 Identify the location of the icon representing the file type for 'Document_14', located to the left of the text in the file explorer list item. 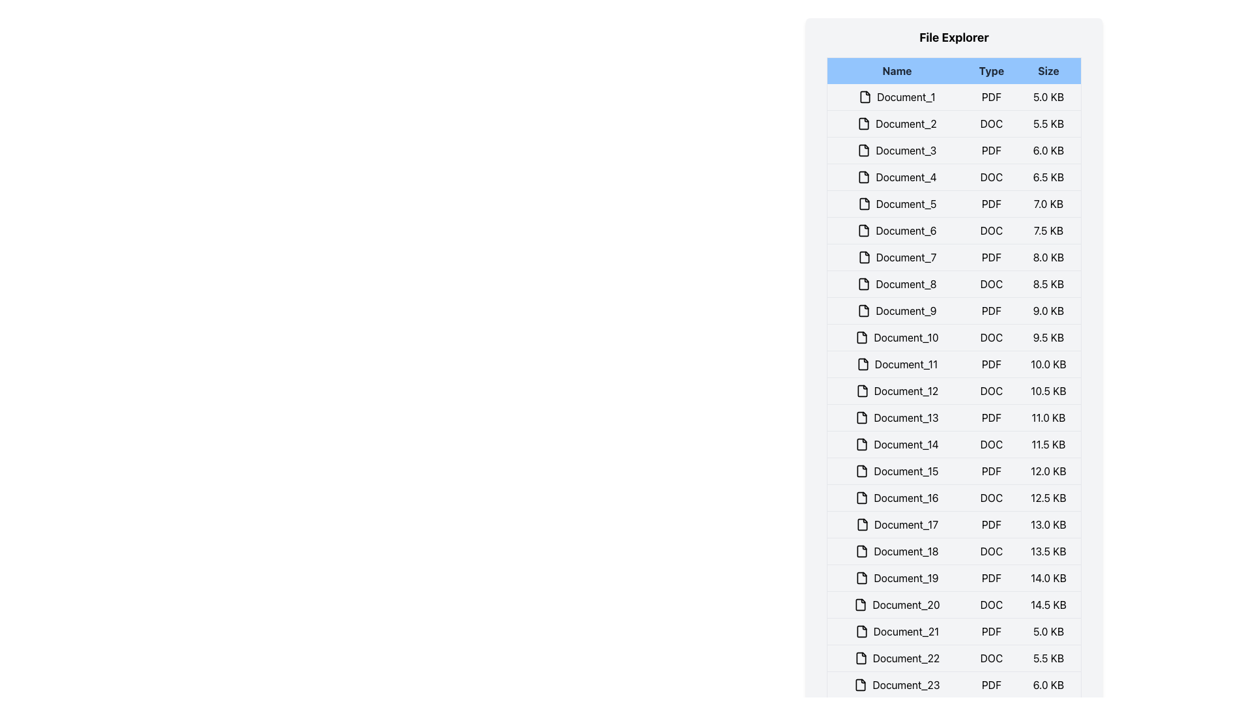
(862, 444).